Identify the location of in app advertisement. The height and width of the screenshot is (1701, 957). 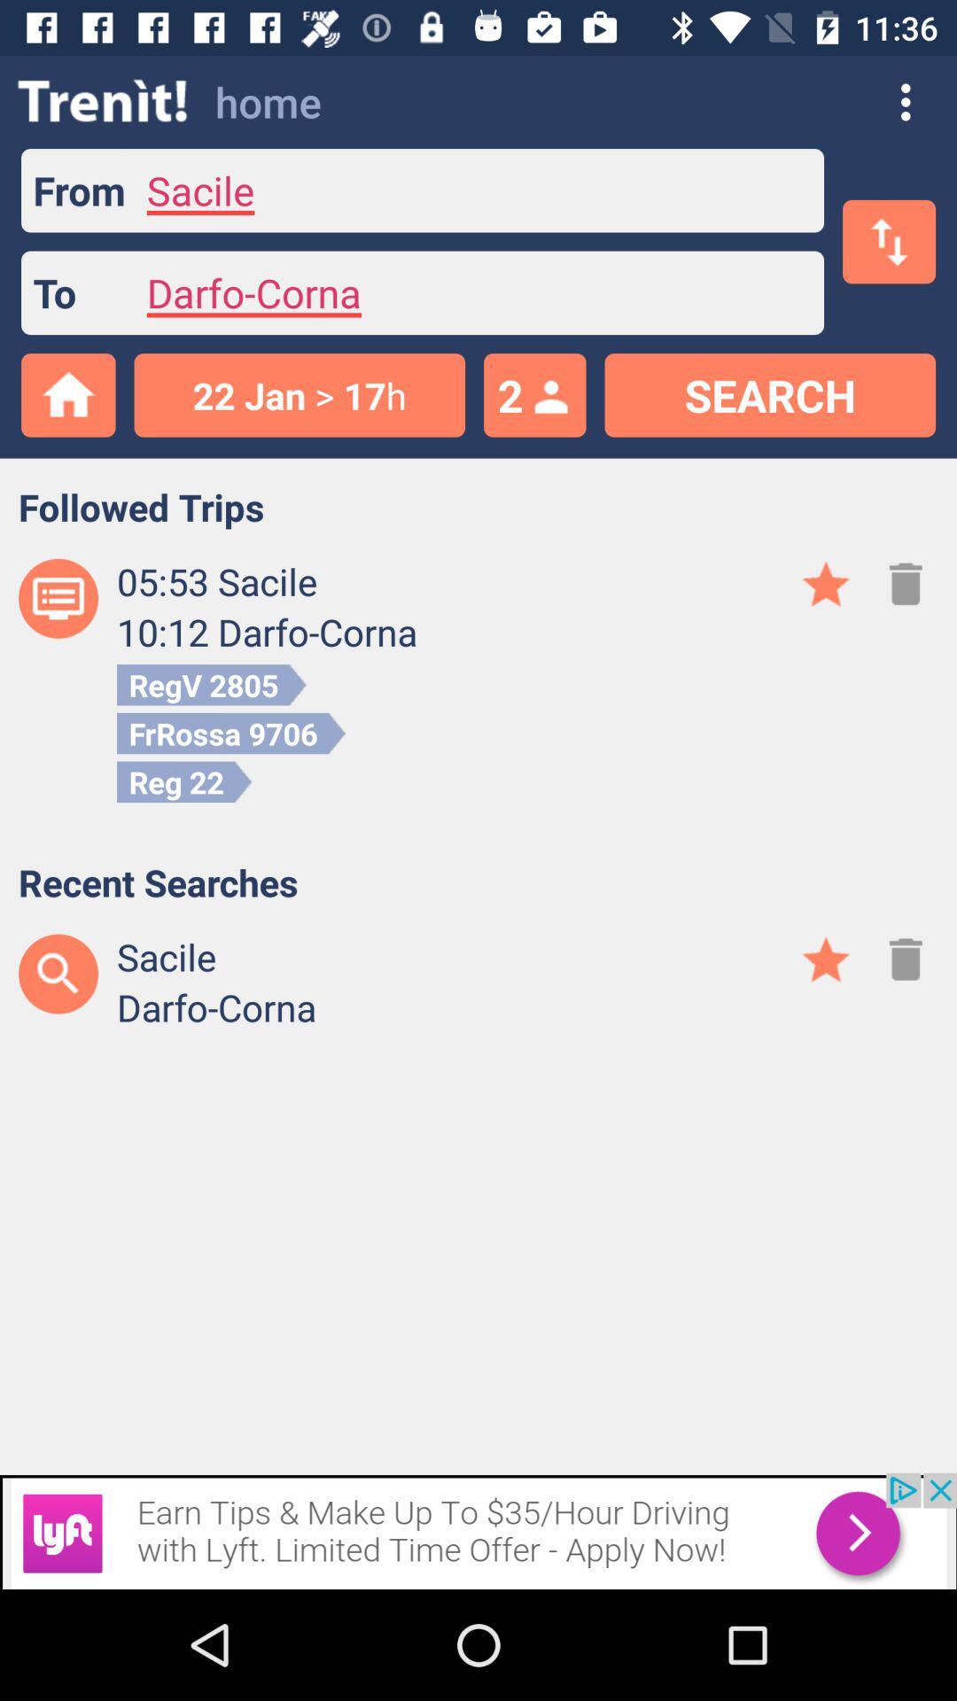
(478, 1530).